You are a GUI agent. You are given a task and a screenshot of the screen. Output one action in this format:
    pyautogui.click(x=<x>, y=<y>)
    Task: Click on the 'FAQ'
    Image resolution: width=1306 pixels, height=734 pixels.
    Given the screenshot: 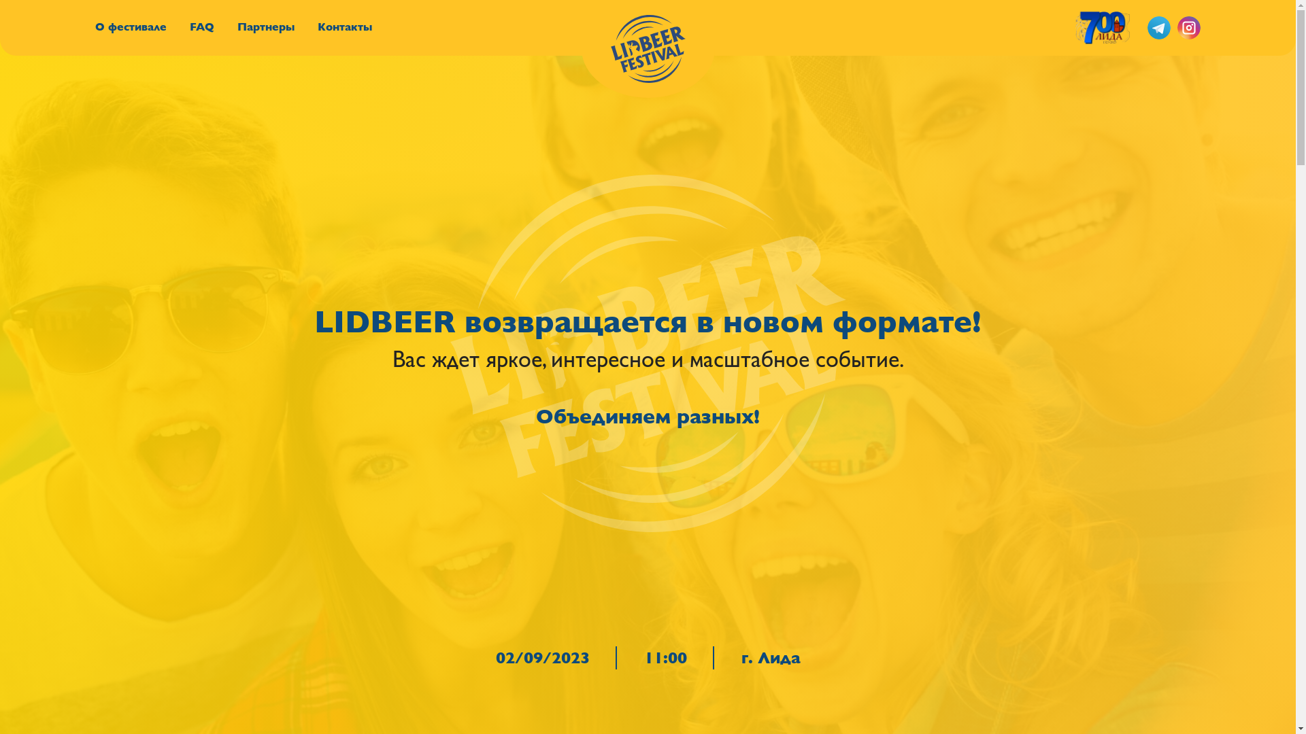 What is the action you would take?
    pyautogui.click(x=201, y=27)
    